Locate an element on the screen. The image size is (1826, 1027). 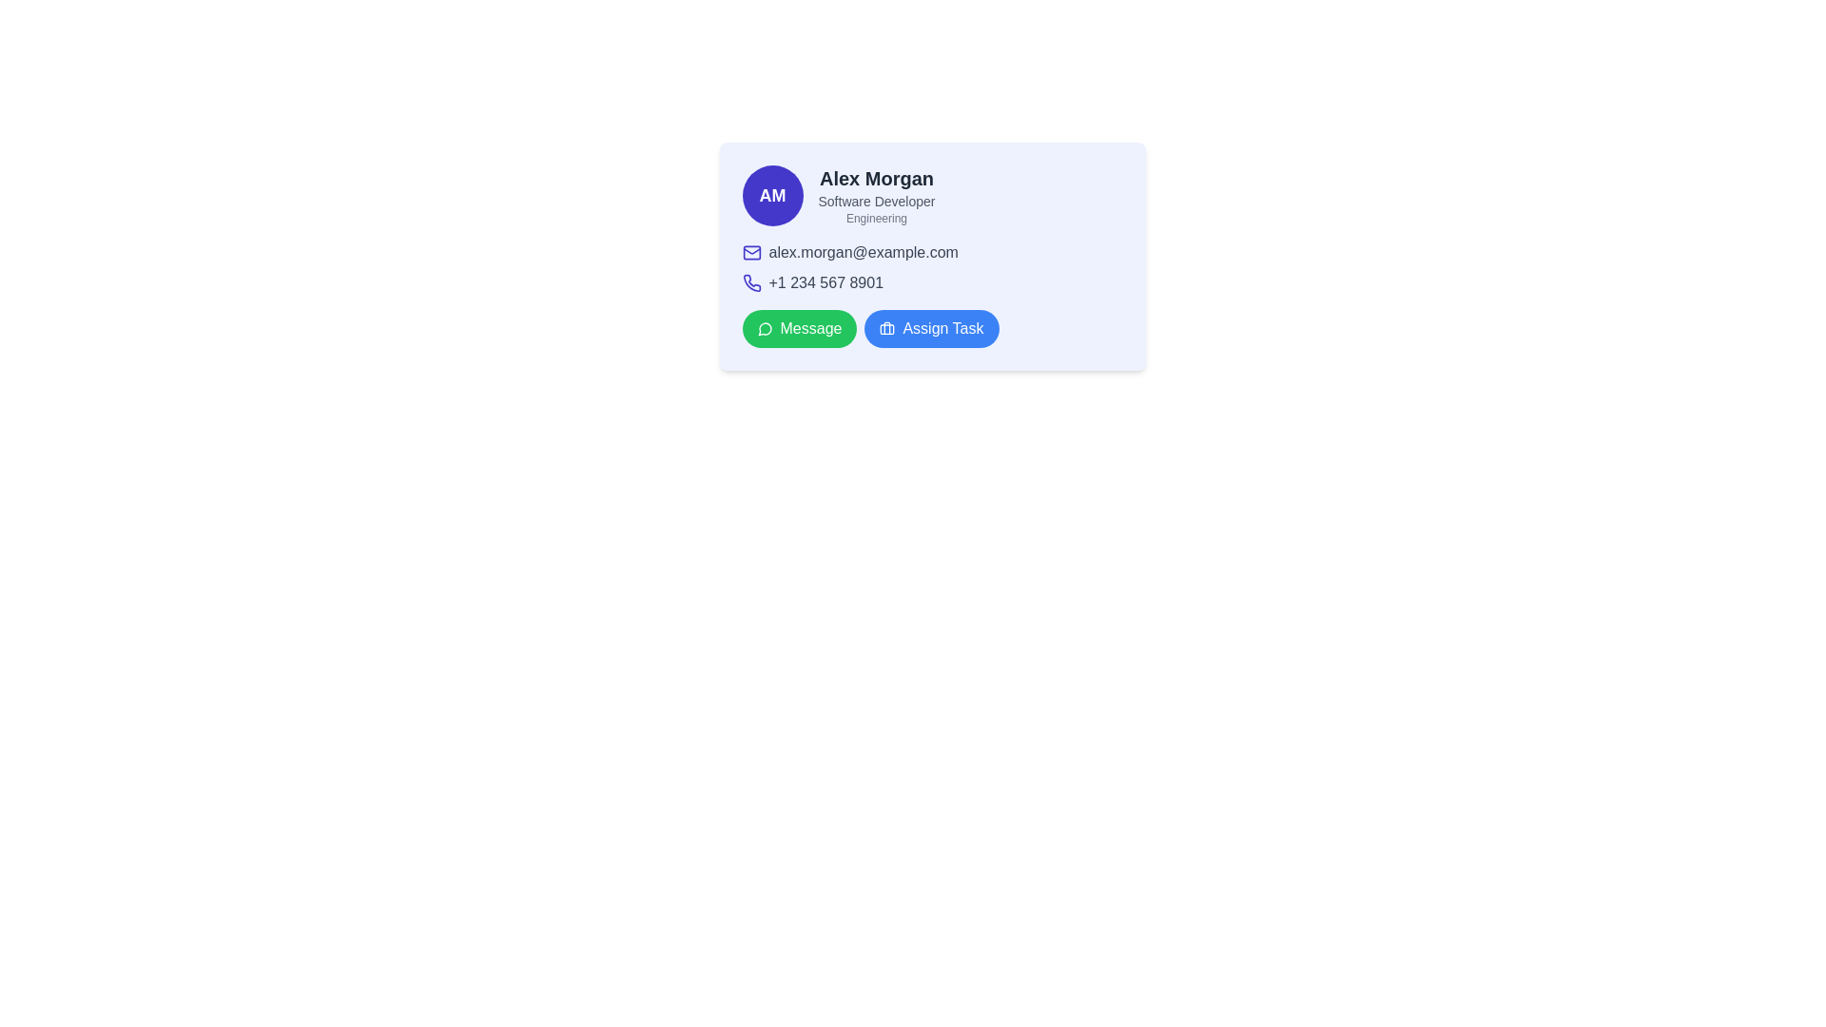
the circular speech bubble icon with a green stroke located to the left of the 'Message' button in the bottom-left corner of the card-like interface is located at coordinates (765, 328).